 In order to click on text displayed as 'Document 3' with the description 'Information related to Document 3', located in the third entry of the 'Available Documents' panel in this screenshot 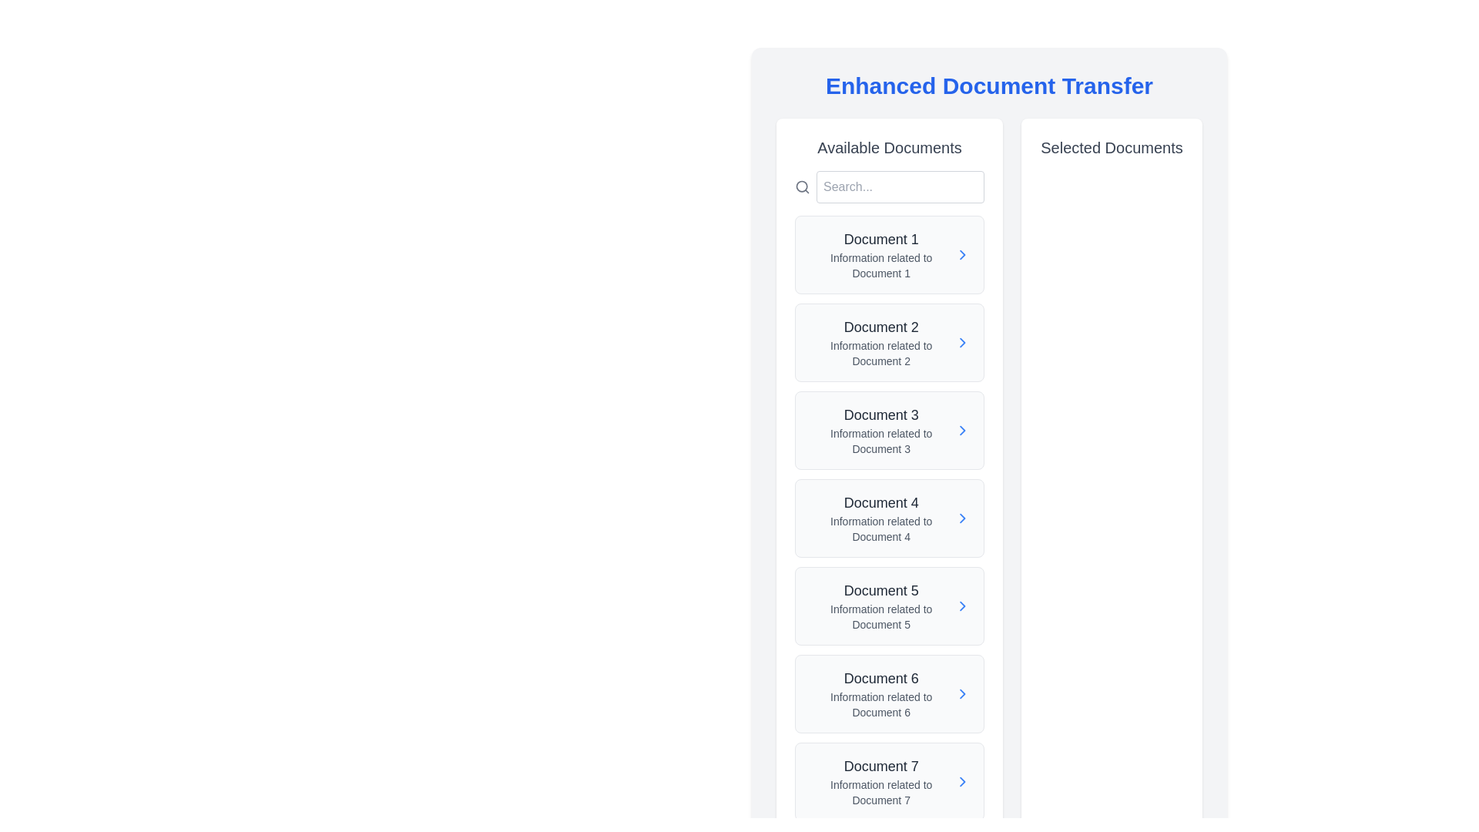, I will do `click(881, 431)`.